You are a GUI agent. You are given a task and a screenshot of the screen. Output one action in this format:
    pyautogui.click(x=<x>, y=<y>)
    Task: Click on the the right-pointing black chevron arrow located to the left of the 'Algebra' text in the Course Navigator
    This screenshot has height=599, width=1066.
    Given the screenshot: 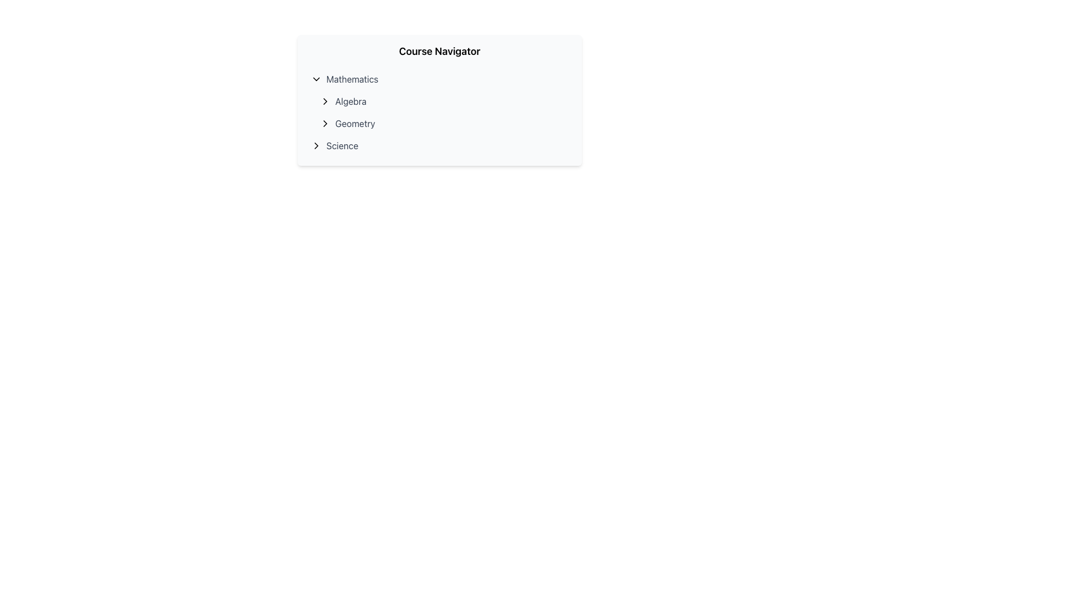 What is the action you would take?
    pyautogui.click(x=324, y=101)
    